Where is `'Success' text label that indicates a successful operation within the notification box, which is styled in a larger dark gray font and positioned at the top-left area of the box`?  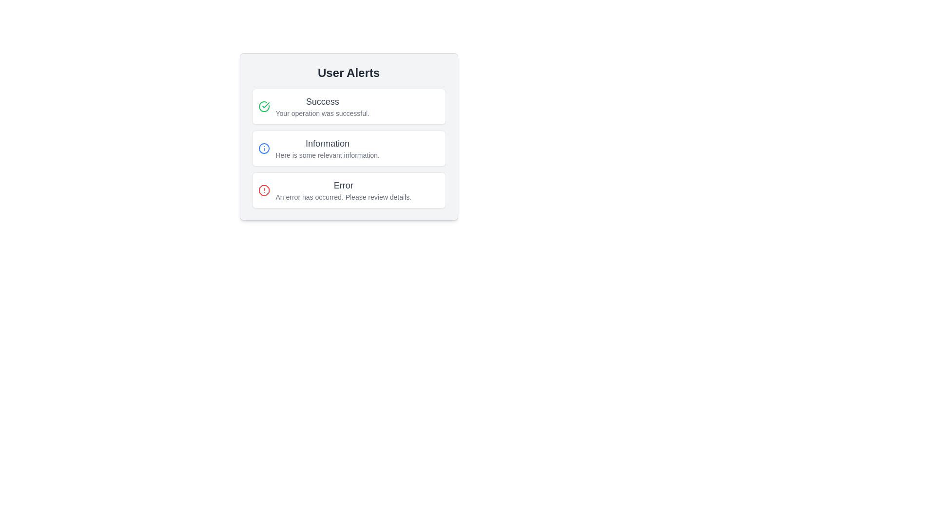
'Success' text label that indicates a successful operation within the notification box, which is styled in a larger dark gray font and positioned at the top-left area of the box is located at coordinates (322, 101).